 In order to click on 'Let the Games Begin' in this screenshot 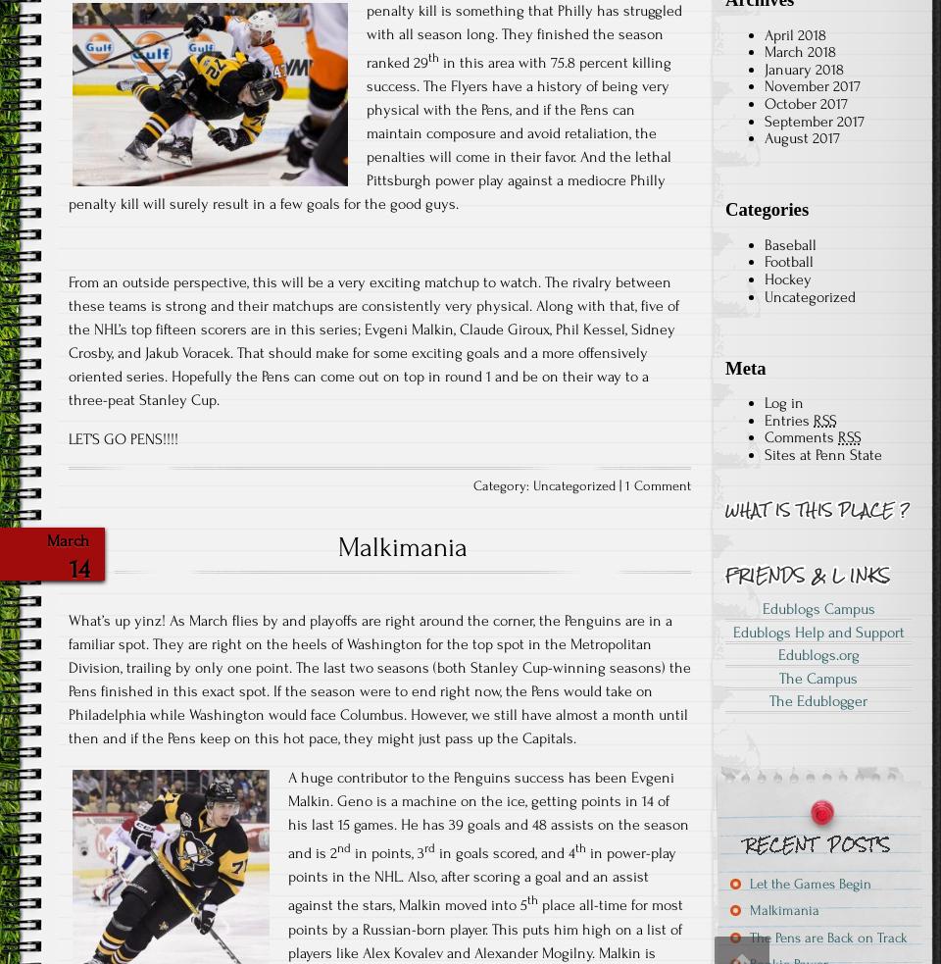, I will do `click(811, 883)`.